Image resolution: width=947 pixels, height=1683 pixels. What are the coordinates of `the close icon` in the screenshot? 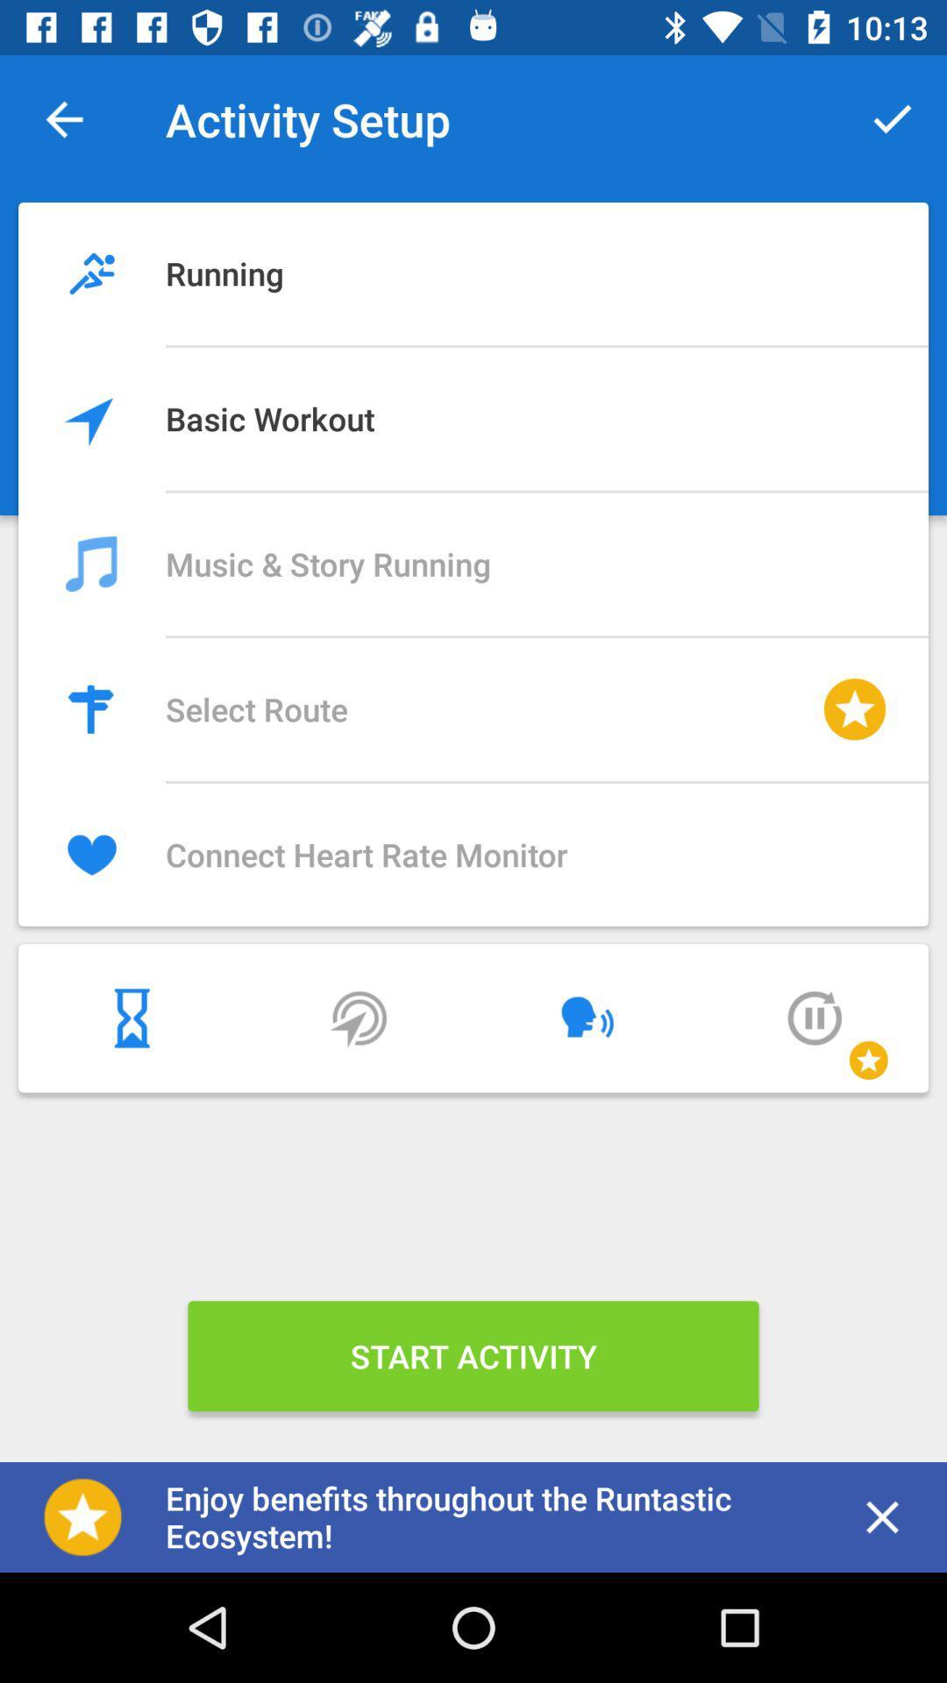 It's located at (882, 1516).